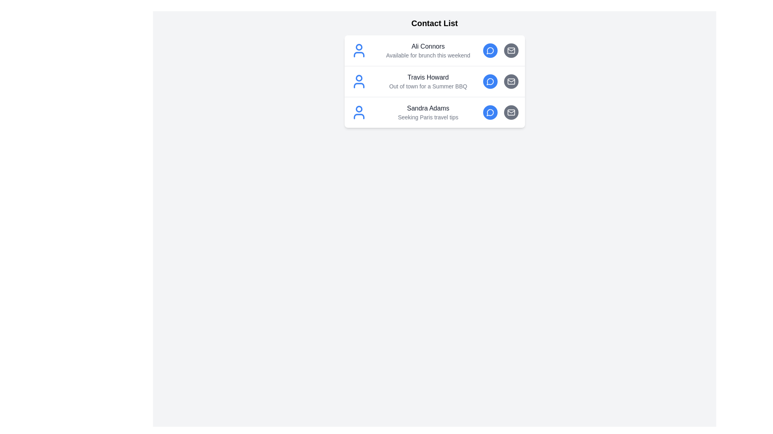  What do you see at coordinates (490, 51) in the screenshot?
I see `the icon button for initiating a message or conversation related to the contact 'Ali Connors' in the first row of the contact list` at bounding box center [490, 51].